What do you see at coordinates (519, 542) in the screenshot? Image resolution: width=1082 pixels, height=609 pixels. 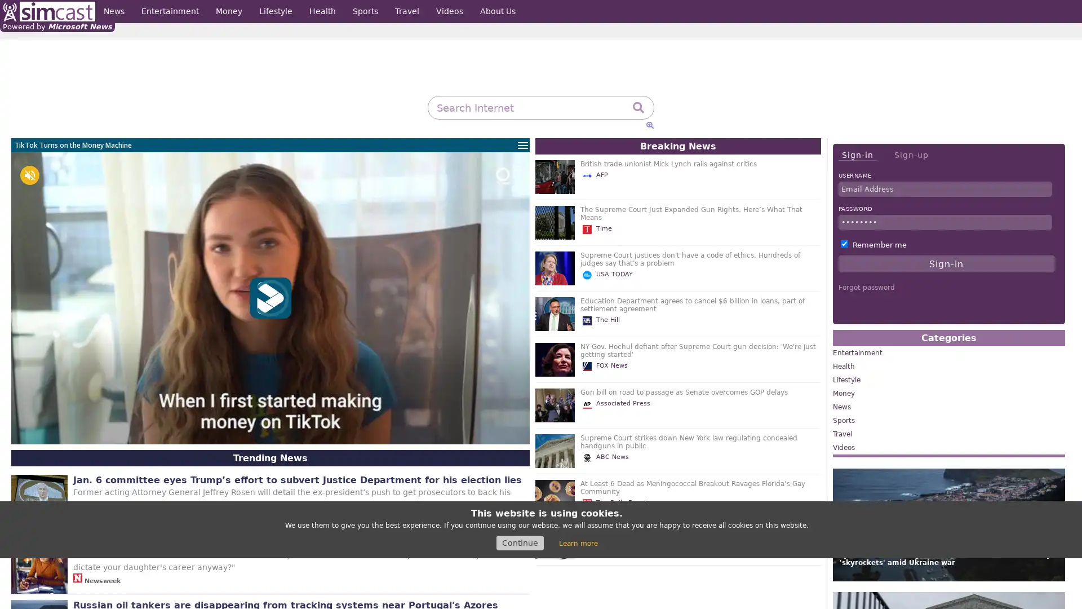 I see `Continue` at bounding box center [519, 542].